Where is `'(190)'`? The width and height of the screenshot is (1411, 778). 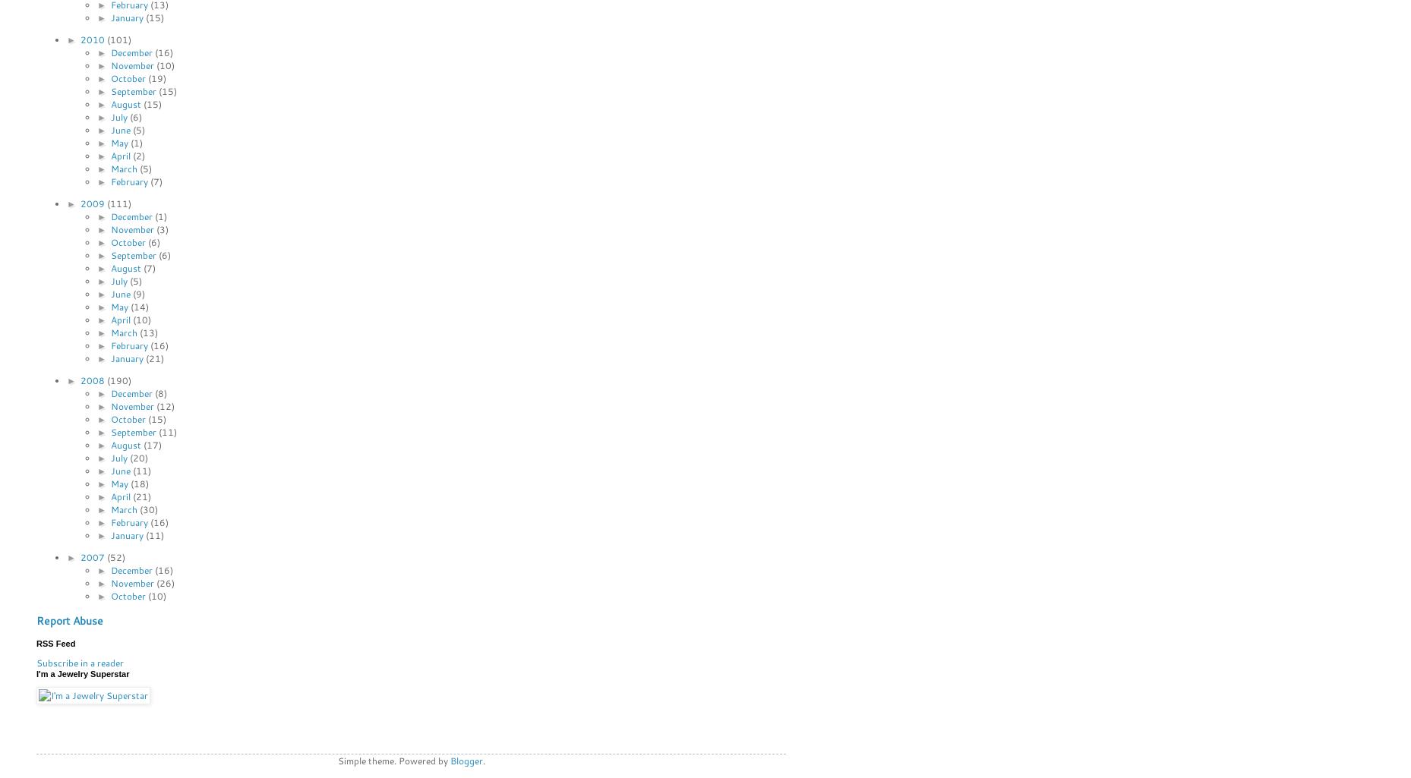
'(190)' is located at coordinates (106, 380).